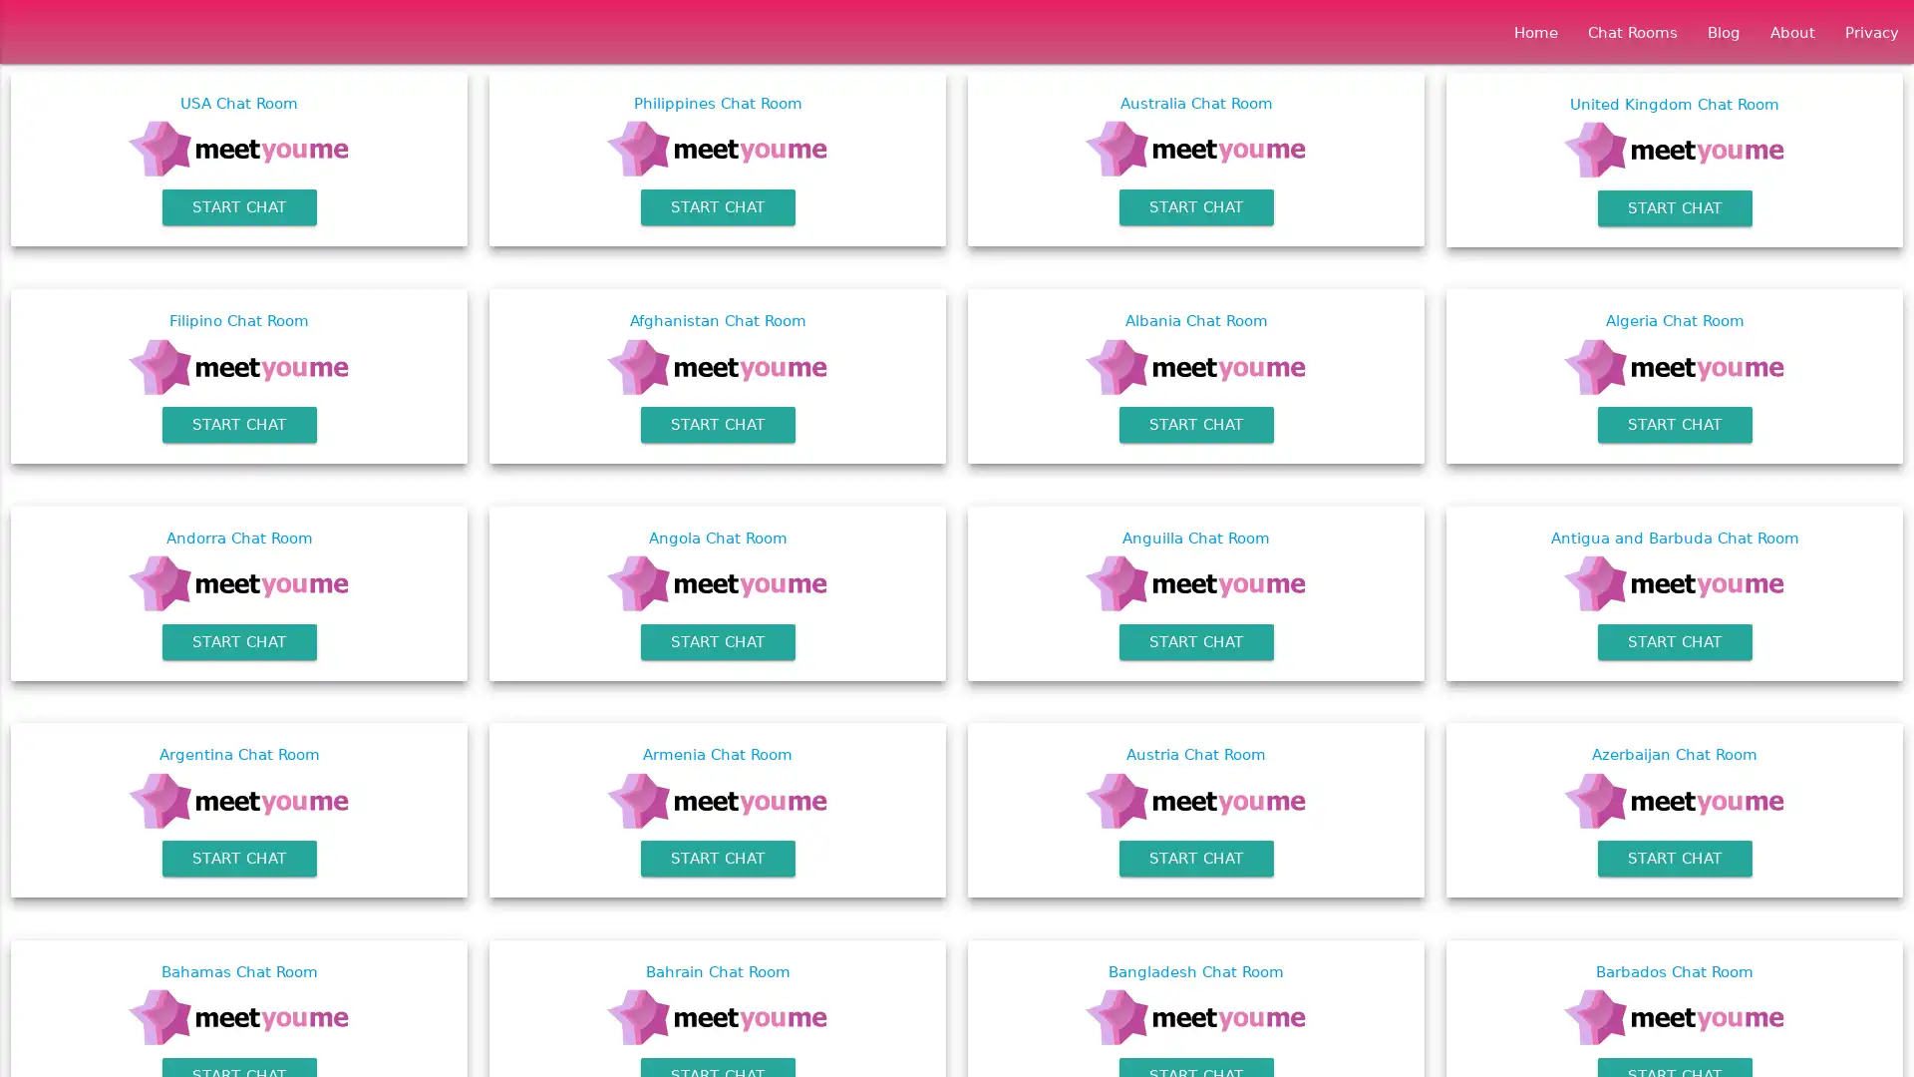  I want to click on START CHAT, so click(238, 641).